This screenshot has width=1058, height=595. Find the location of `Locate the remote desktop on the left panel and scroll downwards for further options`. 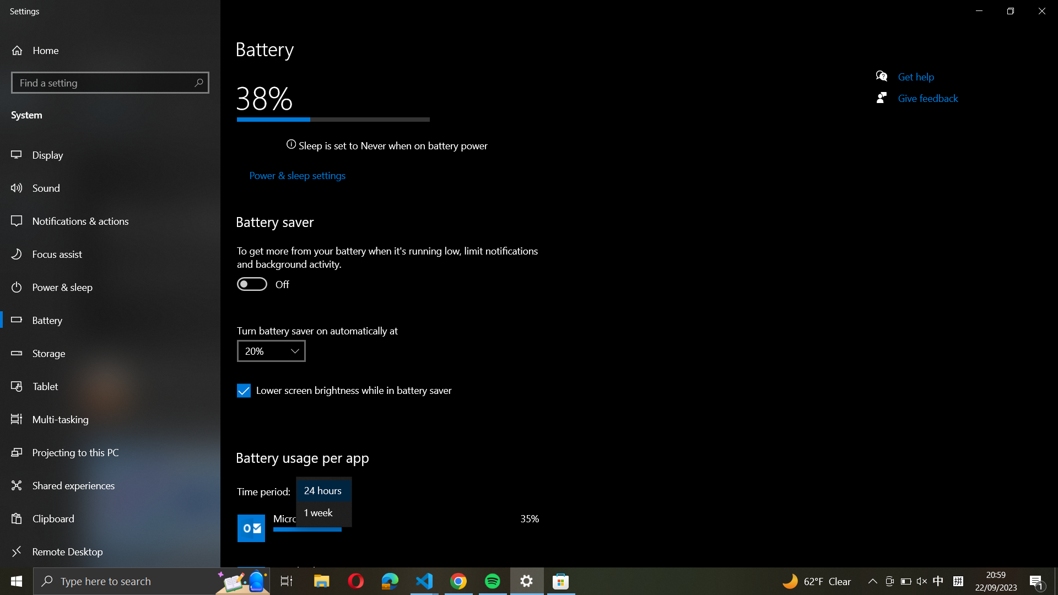

Locate the remote desktop on the left panel and scroll downwards for further options is located at coordinates (214774, 596487).